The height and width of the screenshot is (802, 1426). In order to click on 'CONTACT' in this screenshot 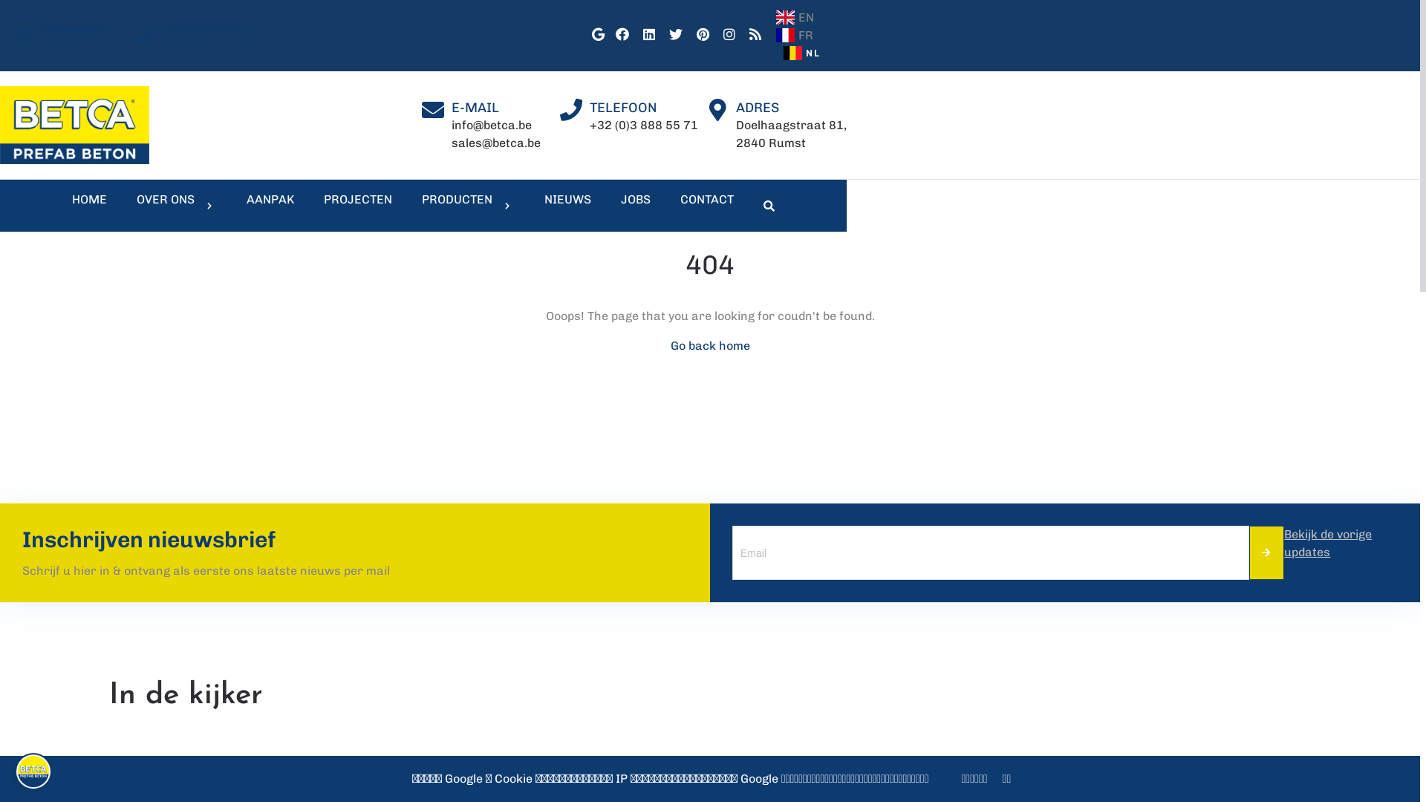, I will do `click(665, 206)`.